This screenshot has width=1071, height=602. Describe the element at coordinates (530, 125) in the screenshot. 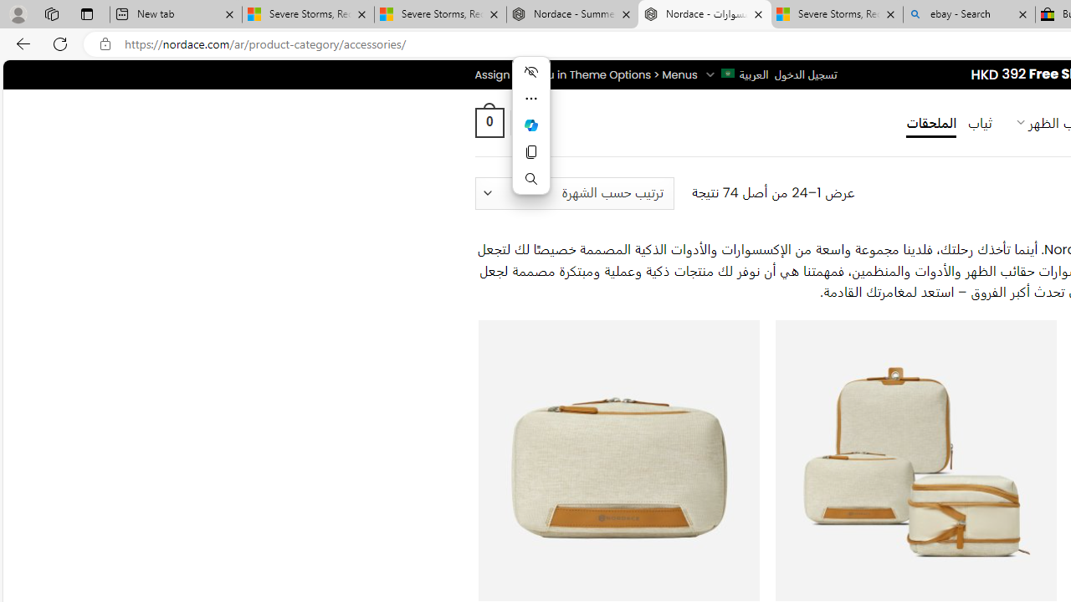

I see `'Ask Copilot'` at that location.